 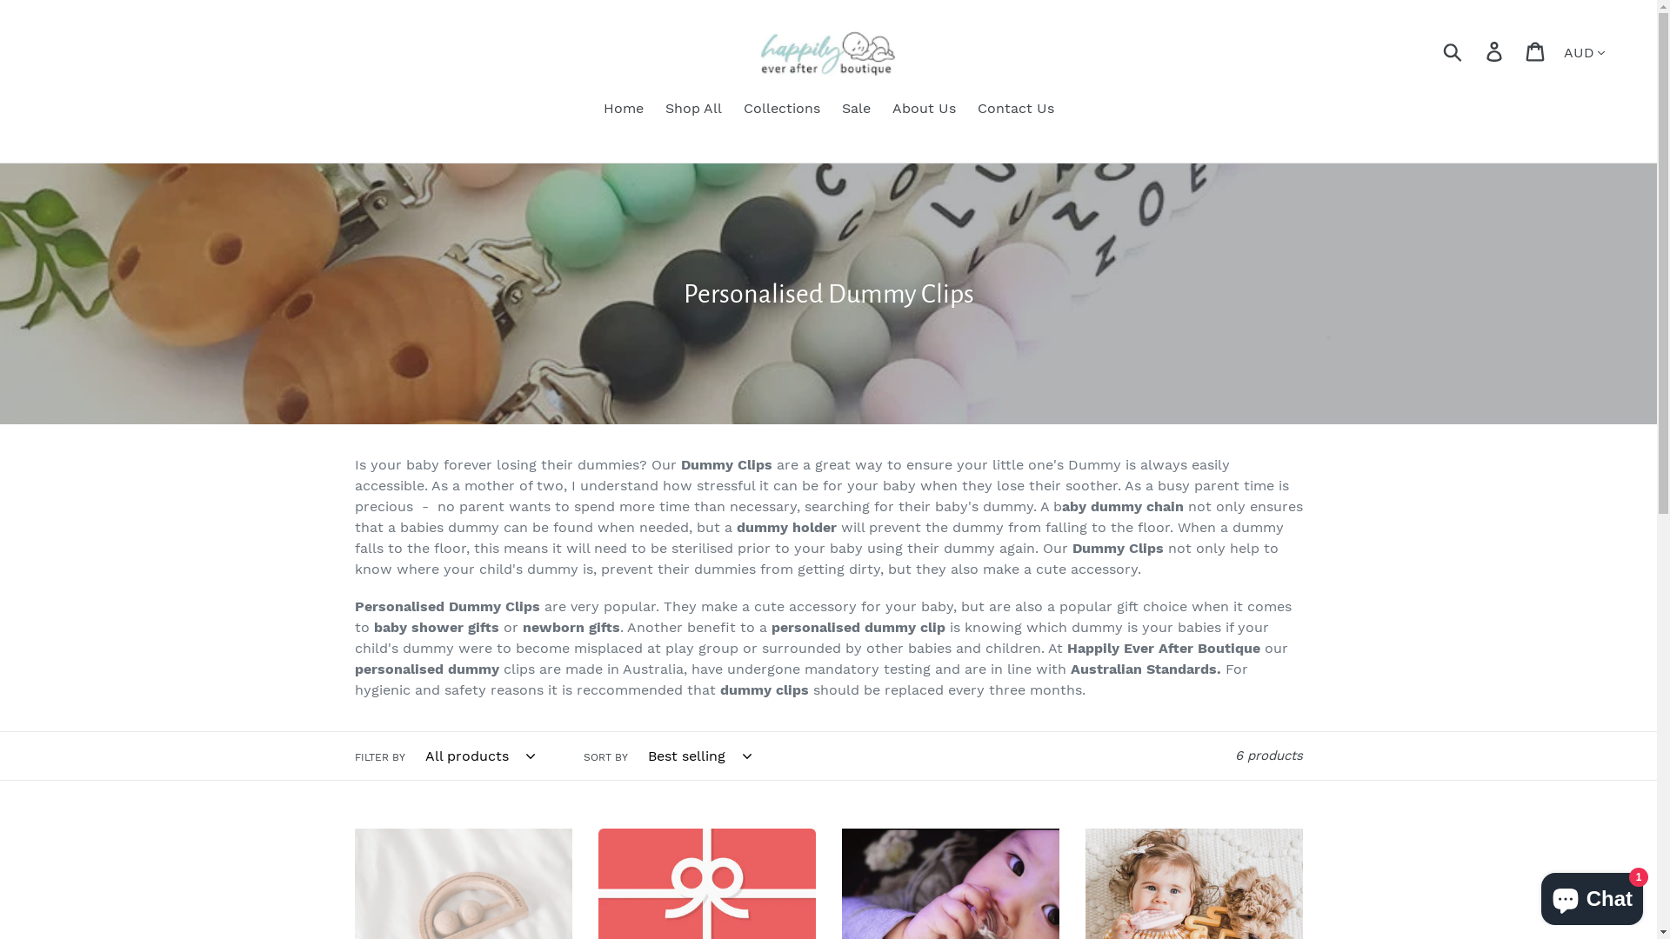 What do you see at coordinates (1015, 110) in the screenshot?
I see `'Contact Us'` at bounding box center [1015, 110].